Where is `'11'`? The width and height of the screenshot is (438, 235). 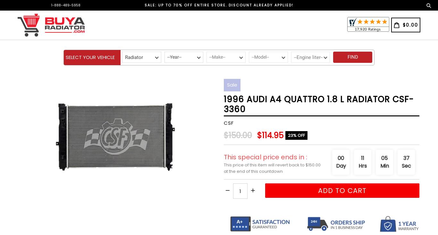
'11' is located at coordinates (362, 158).